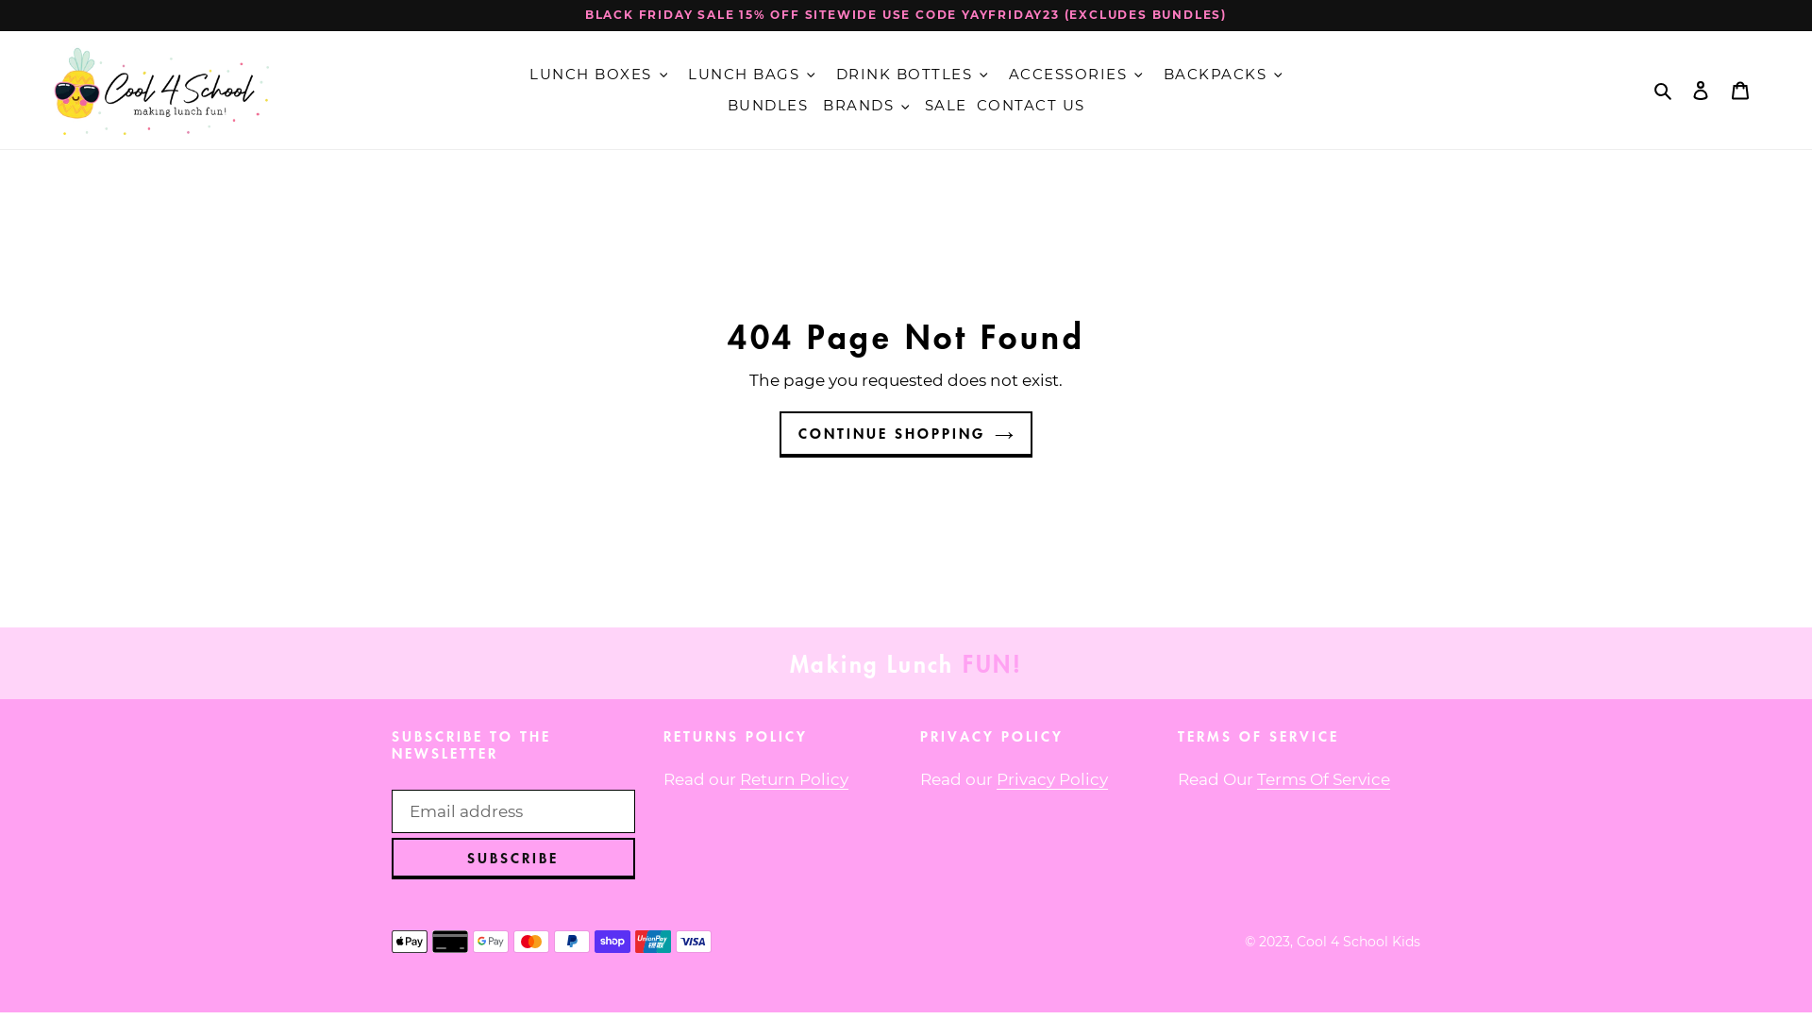 The image size is (1812, 1019). What do you see at coordinates (924, 106) in the screenshot?
I see `'SALE'` at bounding box center [924, 106].